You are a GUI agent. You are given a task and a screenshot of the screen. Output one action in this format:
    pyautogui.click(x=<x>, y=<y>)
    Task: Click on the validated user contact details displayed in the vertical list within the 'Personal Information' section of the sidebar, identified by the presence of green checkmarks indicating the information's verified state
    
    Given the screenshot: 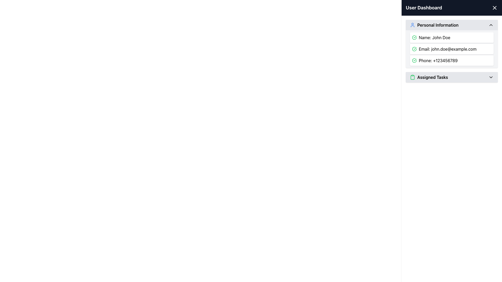 What is the action you would take?
    pyautogui.click(x=452, y=49)
    